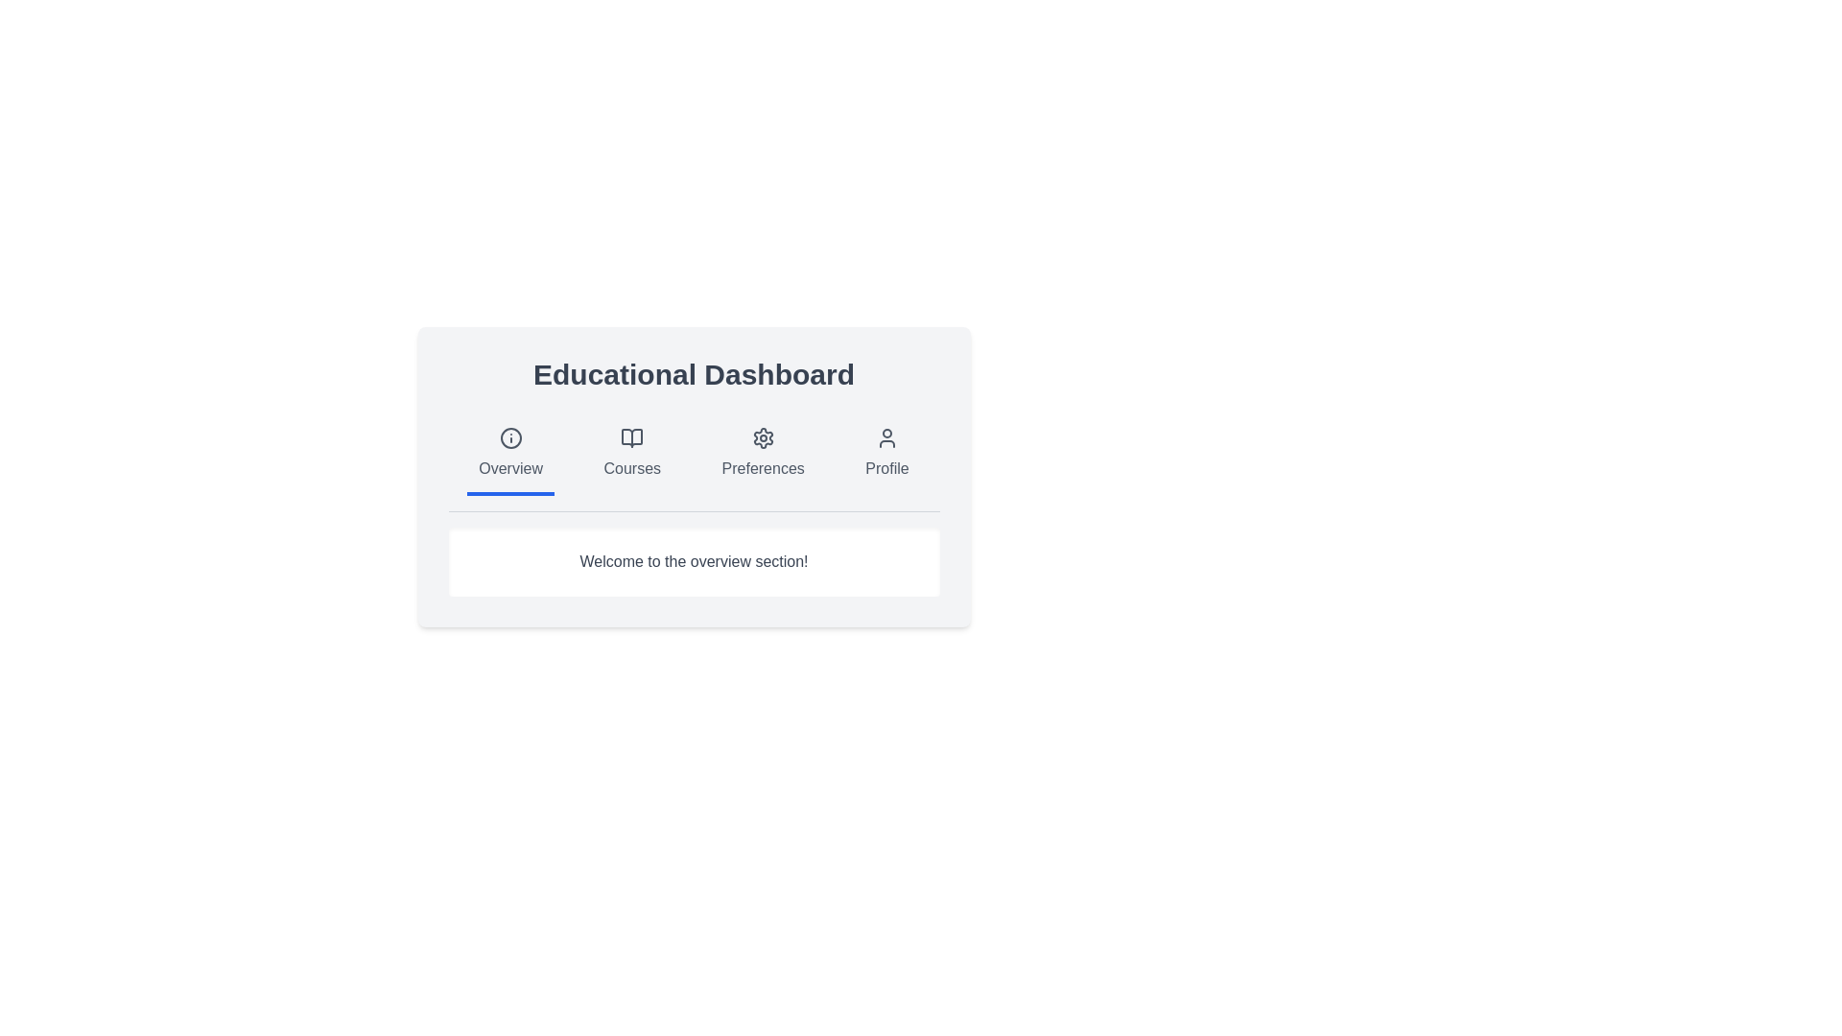 Image resolution: width=1842 pixels, height=1036 pixels. Describe the element at coordinates (510, 437) in the screenshot. I see `the circular information icon with an 'i' symbol, located in the 'Overview' tab section, above the 'Overview' label` at that location.